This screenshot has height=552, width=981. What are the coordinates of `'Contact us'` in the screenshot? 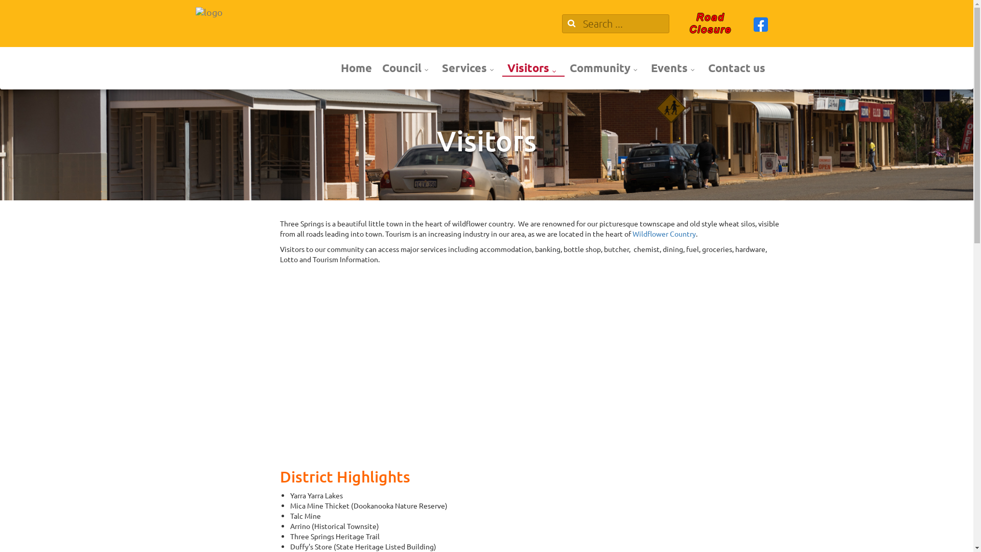 It's located at (736, 67).